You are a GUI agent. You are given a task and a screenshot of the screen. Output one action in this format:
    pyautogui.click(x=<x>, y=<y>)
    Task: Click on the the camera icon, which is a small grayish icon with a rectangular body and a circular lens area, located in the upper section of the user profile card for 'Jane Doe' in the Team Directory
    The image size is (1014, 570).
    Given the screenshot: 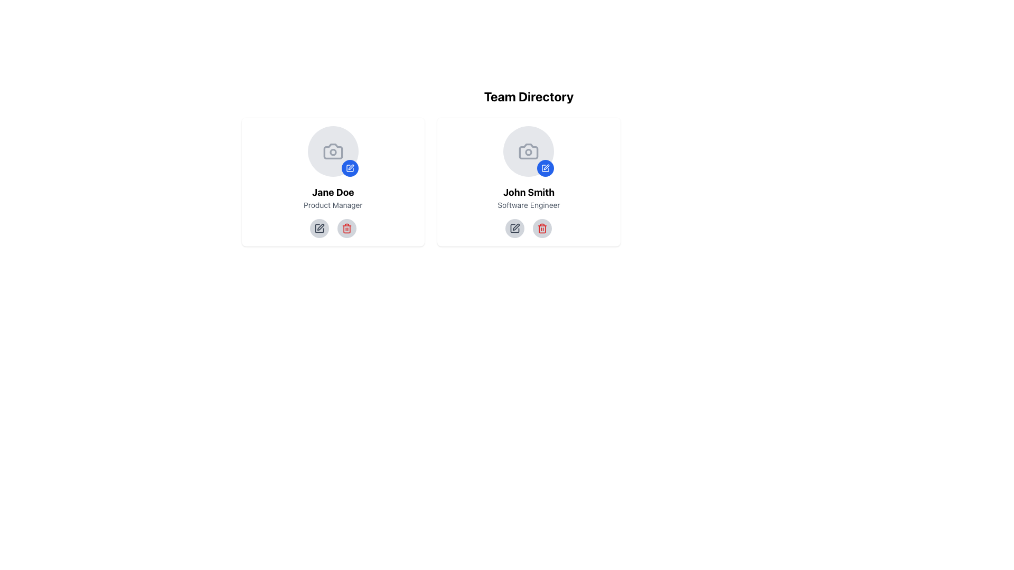 What is the action you would take?
    pyautogui.click(x=332, y=151)
    